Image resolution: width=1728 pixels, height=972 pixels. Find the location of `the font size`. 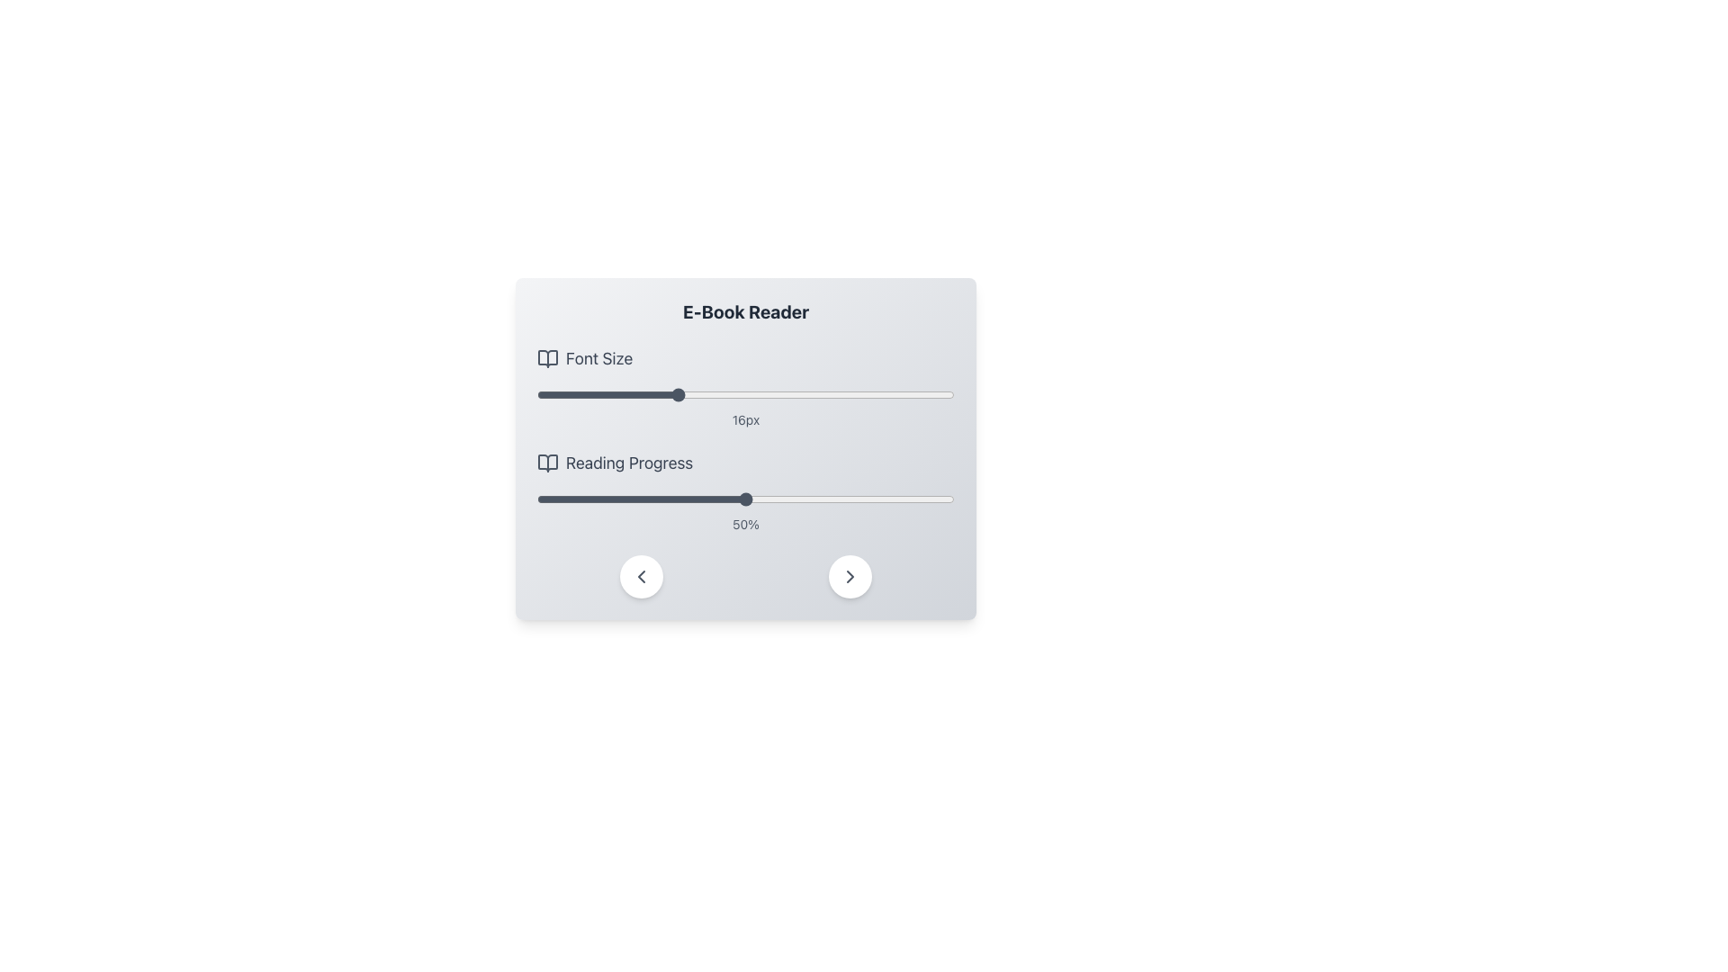

the font size is located at coordinates (675, 394).